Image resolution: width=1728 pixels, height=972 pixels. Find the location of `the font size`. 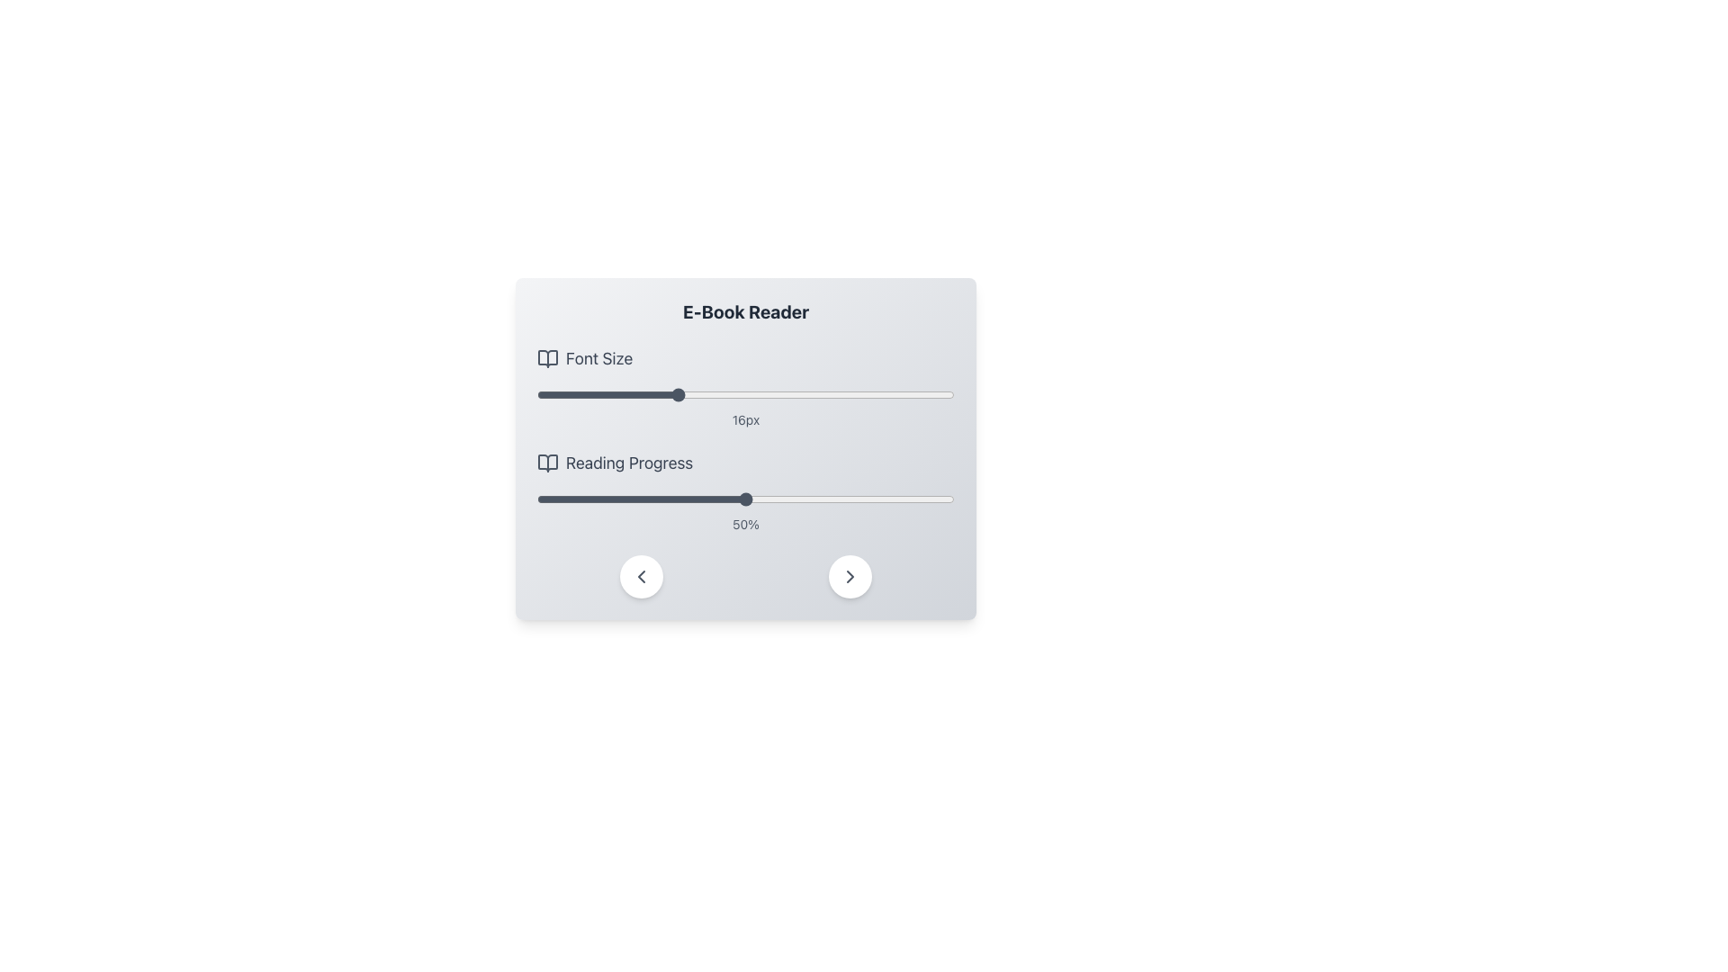

the font size is located at coordinates (675, 394).